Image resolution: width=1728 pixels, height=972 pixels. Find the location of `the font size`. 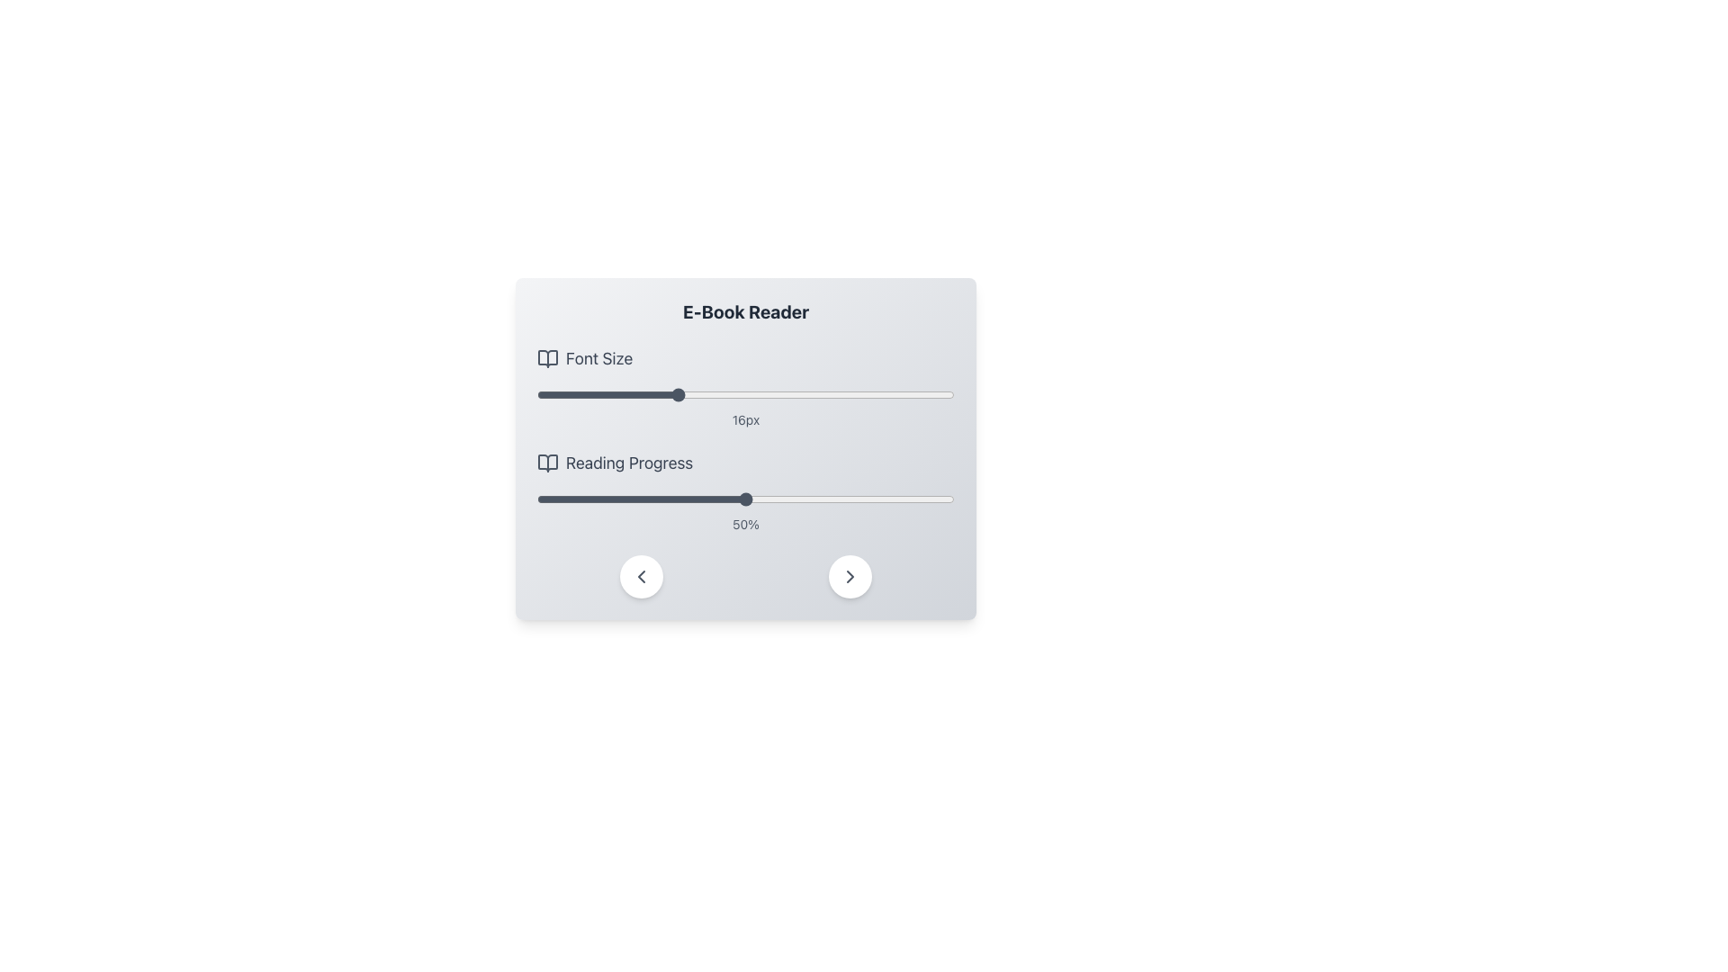

the font size is located at coordinates (675, 394).